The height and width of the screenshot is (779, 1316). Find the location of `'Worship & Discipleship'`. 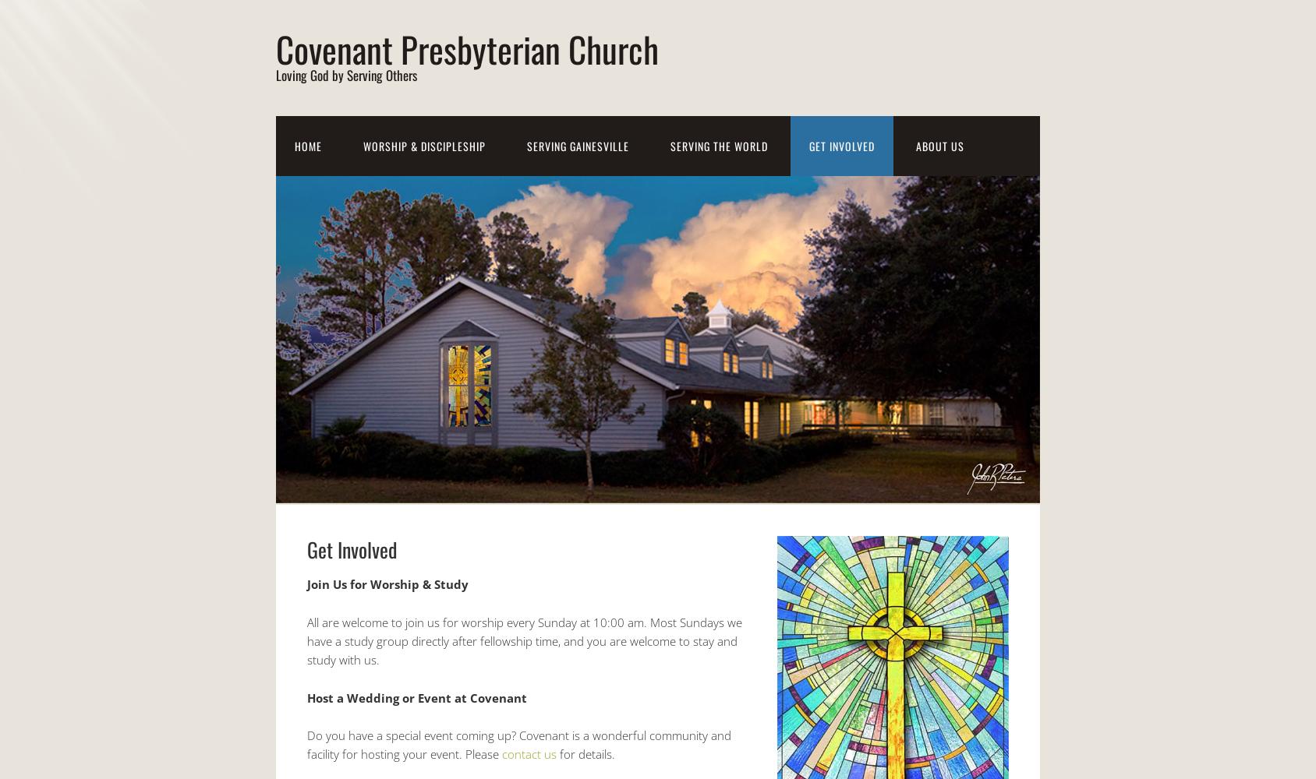

'Worship & Discipleship' is located at coordinates (424, 145).